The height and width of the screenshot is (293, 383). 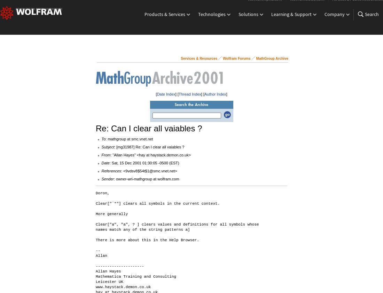 I want to click on 'Wolfram Forums', so click(x=236, y=58).